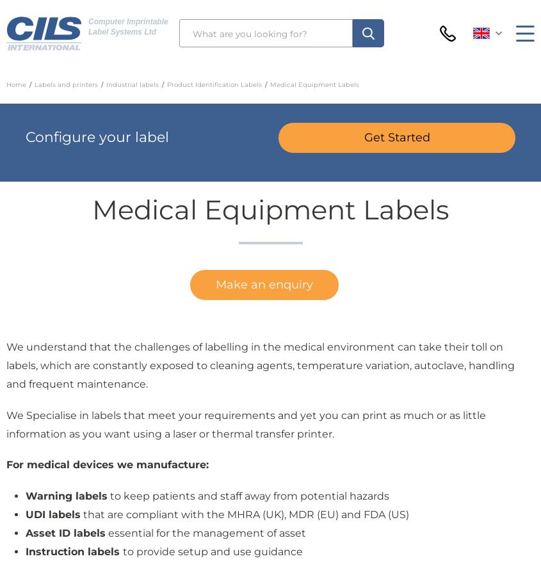 This screenshot has height=561, width=541. Describe the element at coordinates (362, 80) in the screenshot. I see `'+44 (0)1903 219000'` at that location.